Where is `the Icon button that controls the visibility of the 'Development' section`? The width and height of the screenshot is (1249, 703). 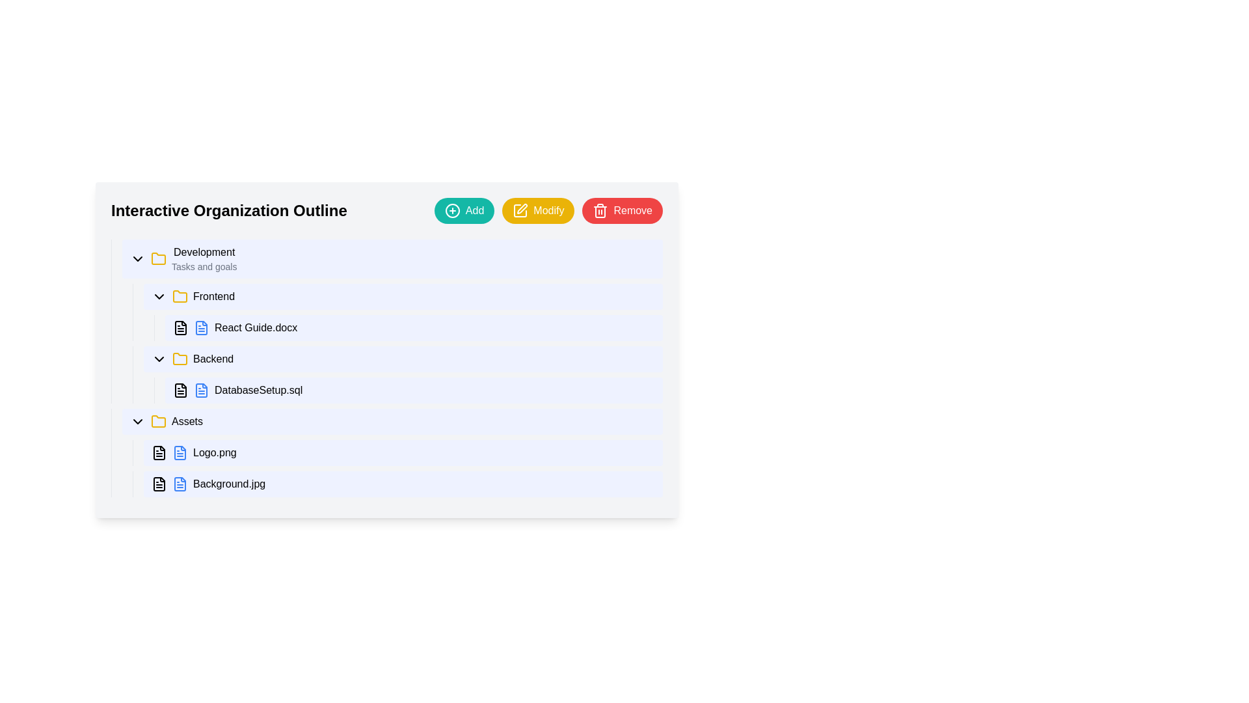
the Icon button that controls the visibility of the 'Development' section is located at coordinates (137, 258).